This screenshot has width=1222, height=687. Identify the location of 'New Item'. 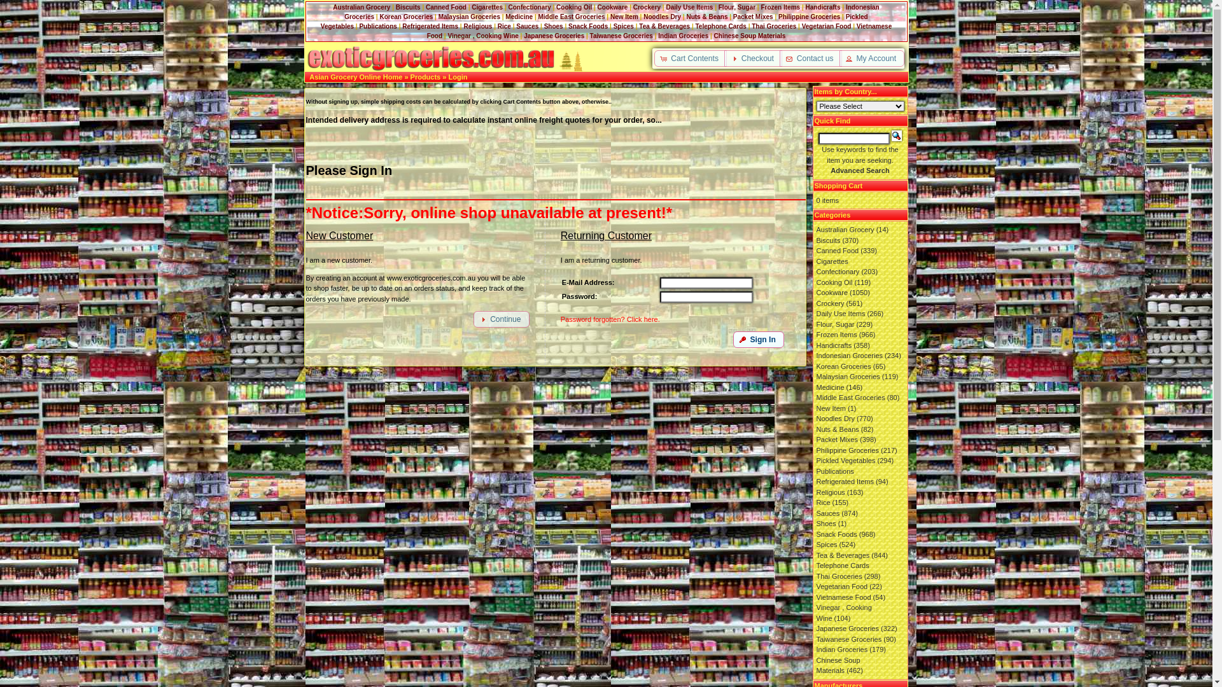
(610, 17).